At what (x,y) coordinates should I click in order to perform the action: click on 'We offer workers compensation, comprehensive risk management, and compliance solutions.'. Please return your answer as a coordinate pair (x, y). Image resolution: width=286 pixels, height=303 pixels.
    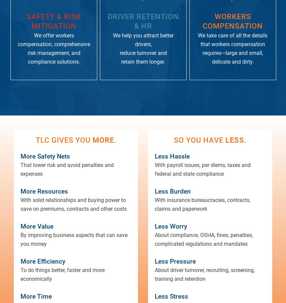
    Looking at the image, I should click on (53, 48).